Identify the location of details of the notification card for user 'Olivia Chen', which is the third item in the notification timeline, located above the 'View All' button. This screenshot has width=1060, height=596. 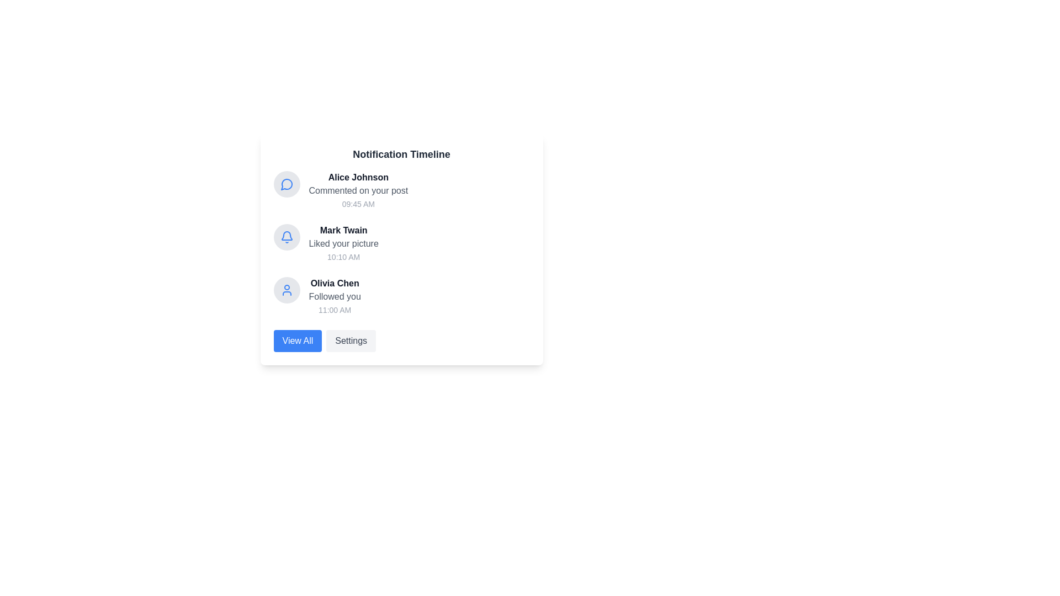
(334, 296).